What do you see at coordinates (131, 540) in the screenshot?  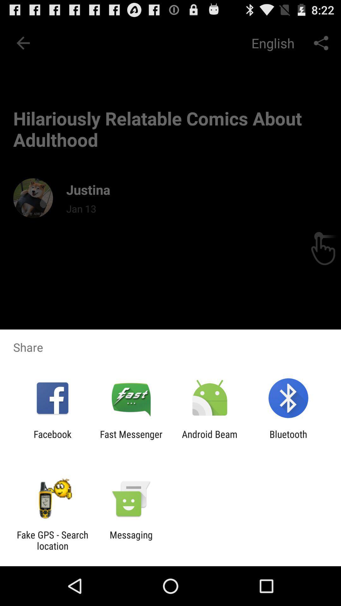 I see `the app next to the fake gps search` at bounding box center [131, 540].